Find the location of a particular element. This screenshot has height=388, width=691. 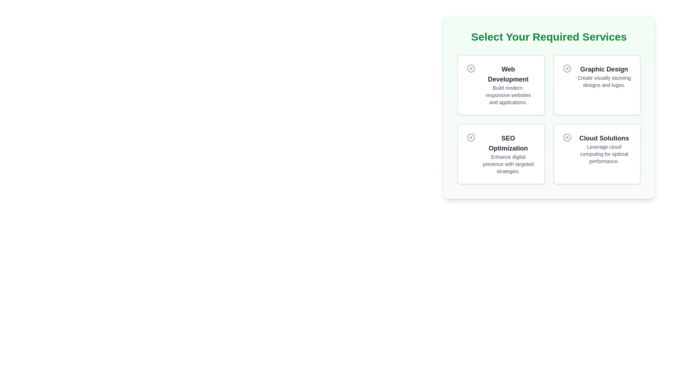

the static text element that describes the 'Graphic Design' service, located in the top-right quadrant of the interface, below the icon of the second service card from the left is located at coordinates (604, 76).